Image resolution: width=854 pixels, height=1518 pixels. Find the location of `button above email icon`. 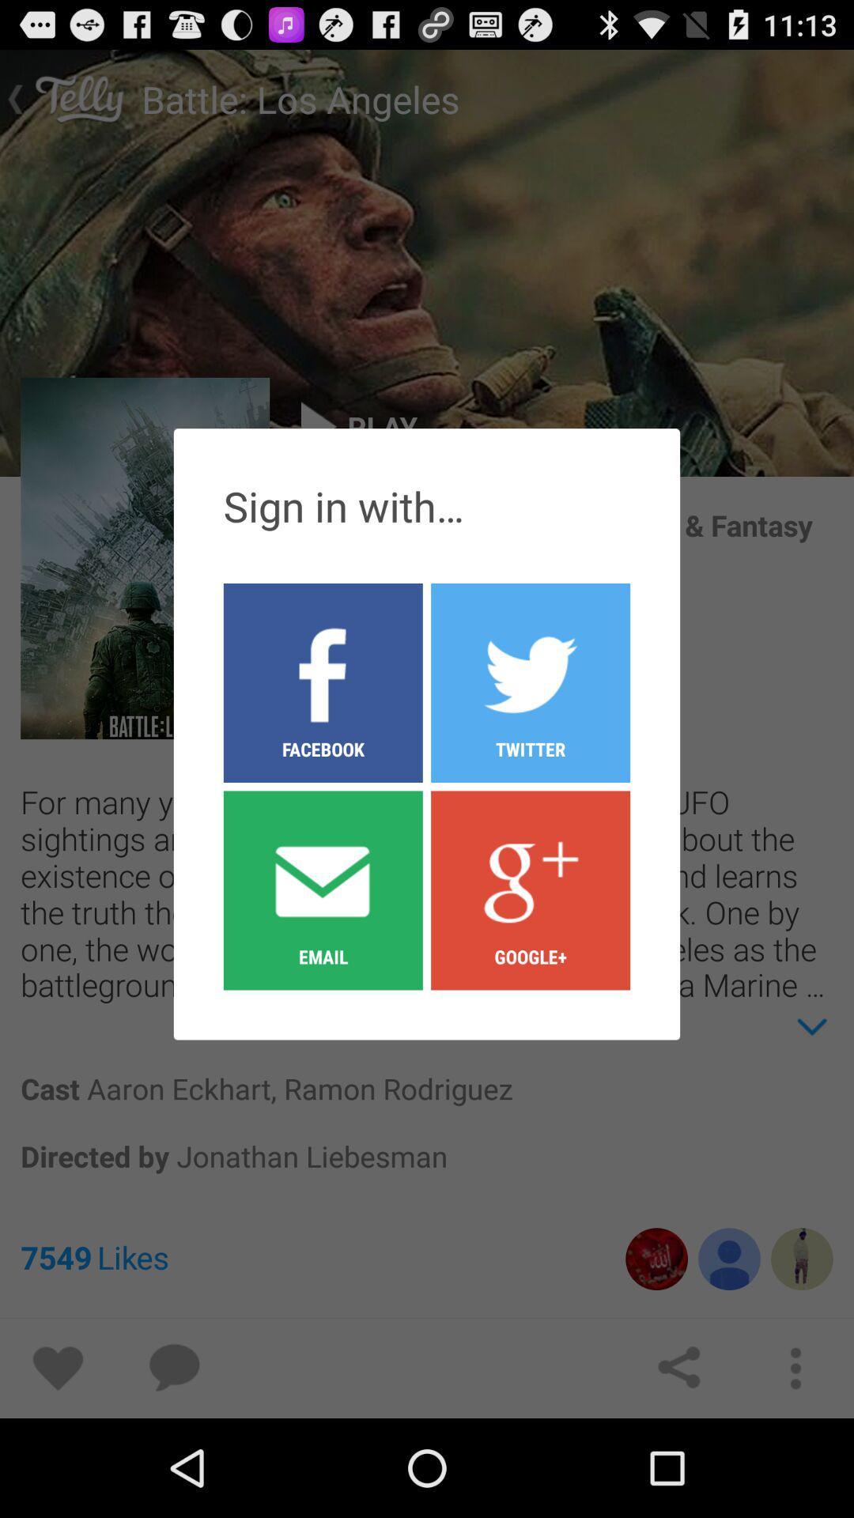

button above email icon is located at coordinates (531, 682).